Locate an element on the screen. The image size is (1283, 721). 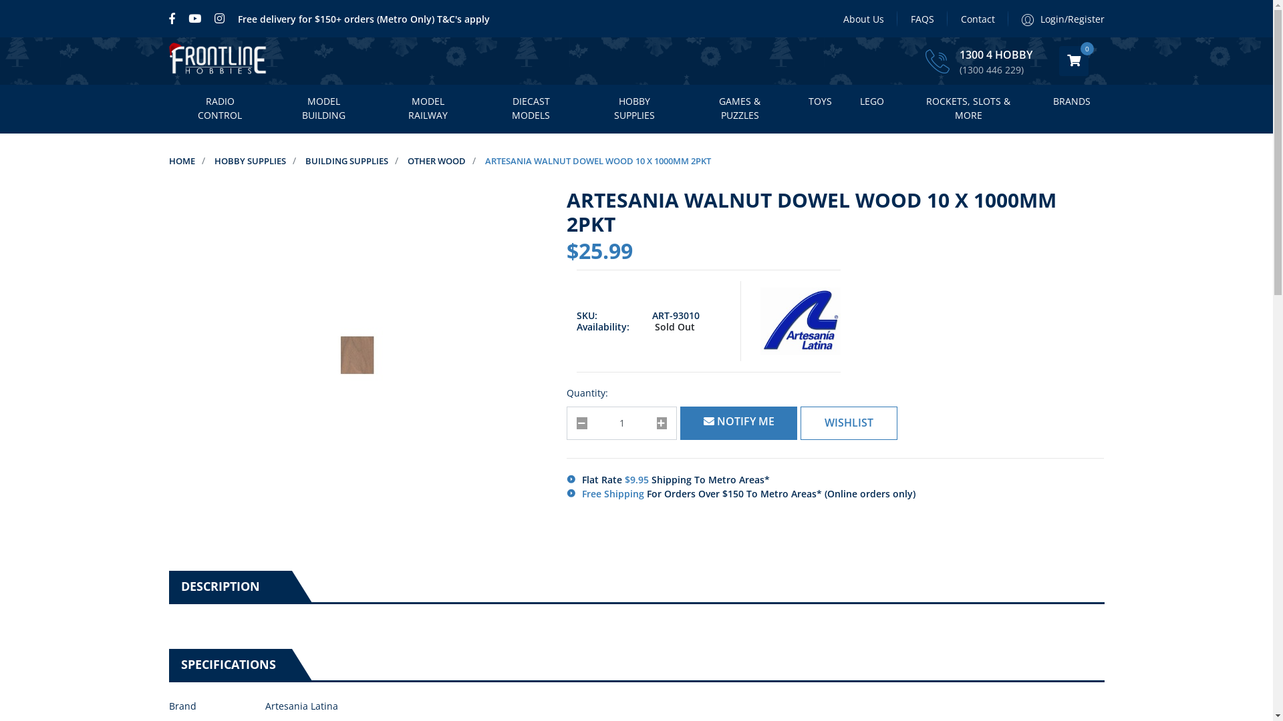
'Frontline Hobbies on Instagram' is located at coordinates (219, 18).